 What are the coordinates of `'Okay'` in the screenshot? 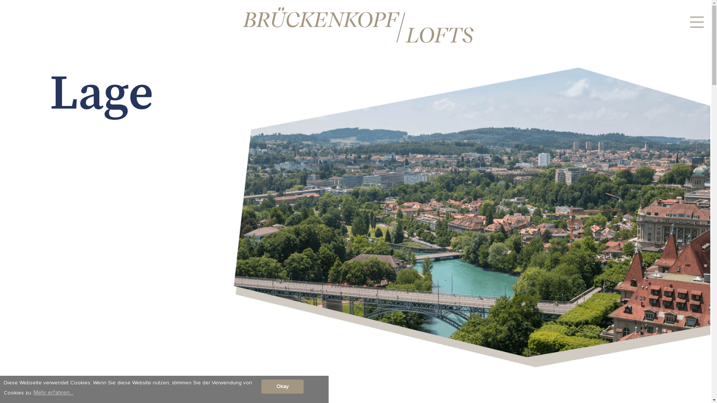 It's located at (261, 386).